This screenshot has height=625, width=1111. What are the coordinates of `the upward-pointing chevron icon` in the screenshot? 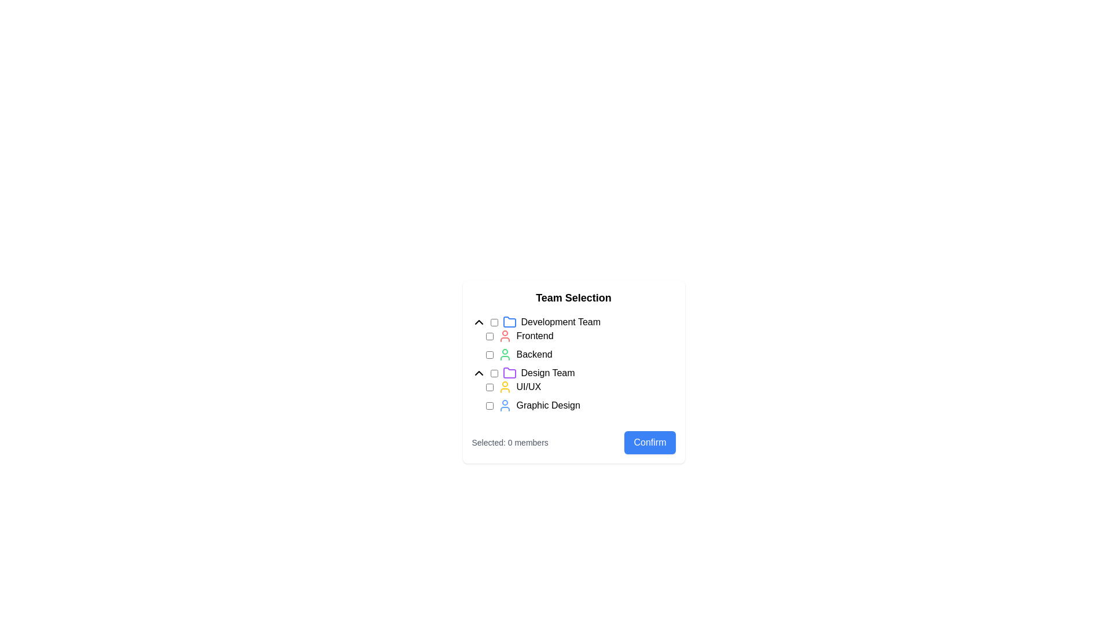 It's located at (479, 322).